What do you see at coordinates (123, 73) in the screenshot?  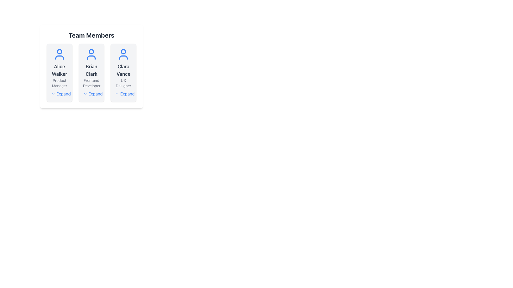 I see `the Profile Card for 'Clara Vance'` at bounding box center [123, 73].